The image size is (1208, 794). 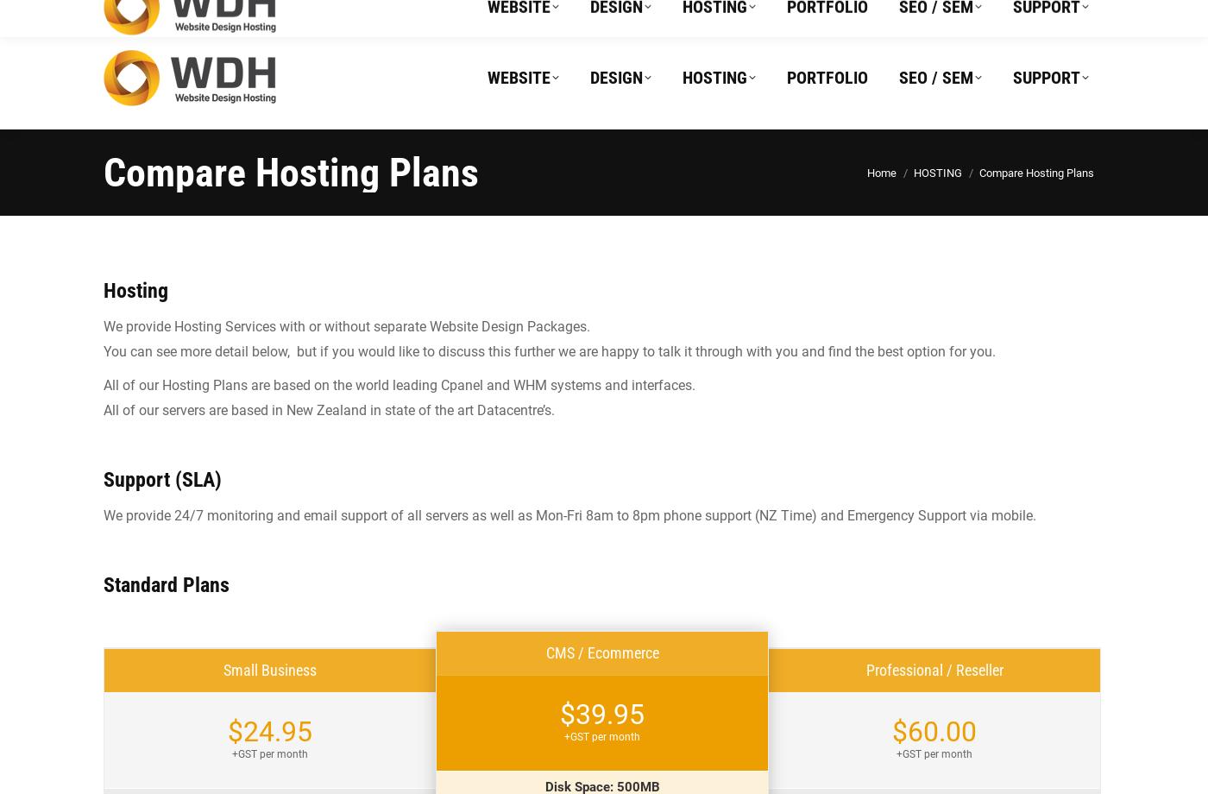 I want to click on 'Standard Plans', so click(x=103, y=584).